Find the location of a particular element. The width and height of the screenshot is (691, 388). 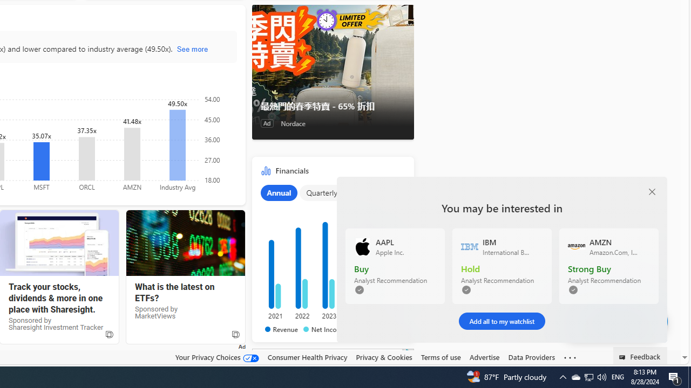

'Class: feedback_link_icon-DS-EntryPoint1-1' is located at coordinates (624, 357).